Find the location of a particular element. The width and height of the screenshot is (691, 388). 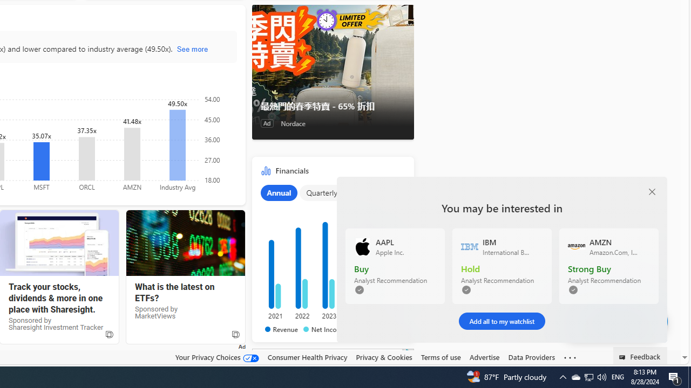

'Class: feedback_link_icon-DS-EntryPoint1-1' is located at coordinates (624, 357).